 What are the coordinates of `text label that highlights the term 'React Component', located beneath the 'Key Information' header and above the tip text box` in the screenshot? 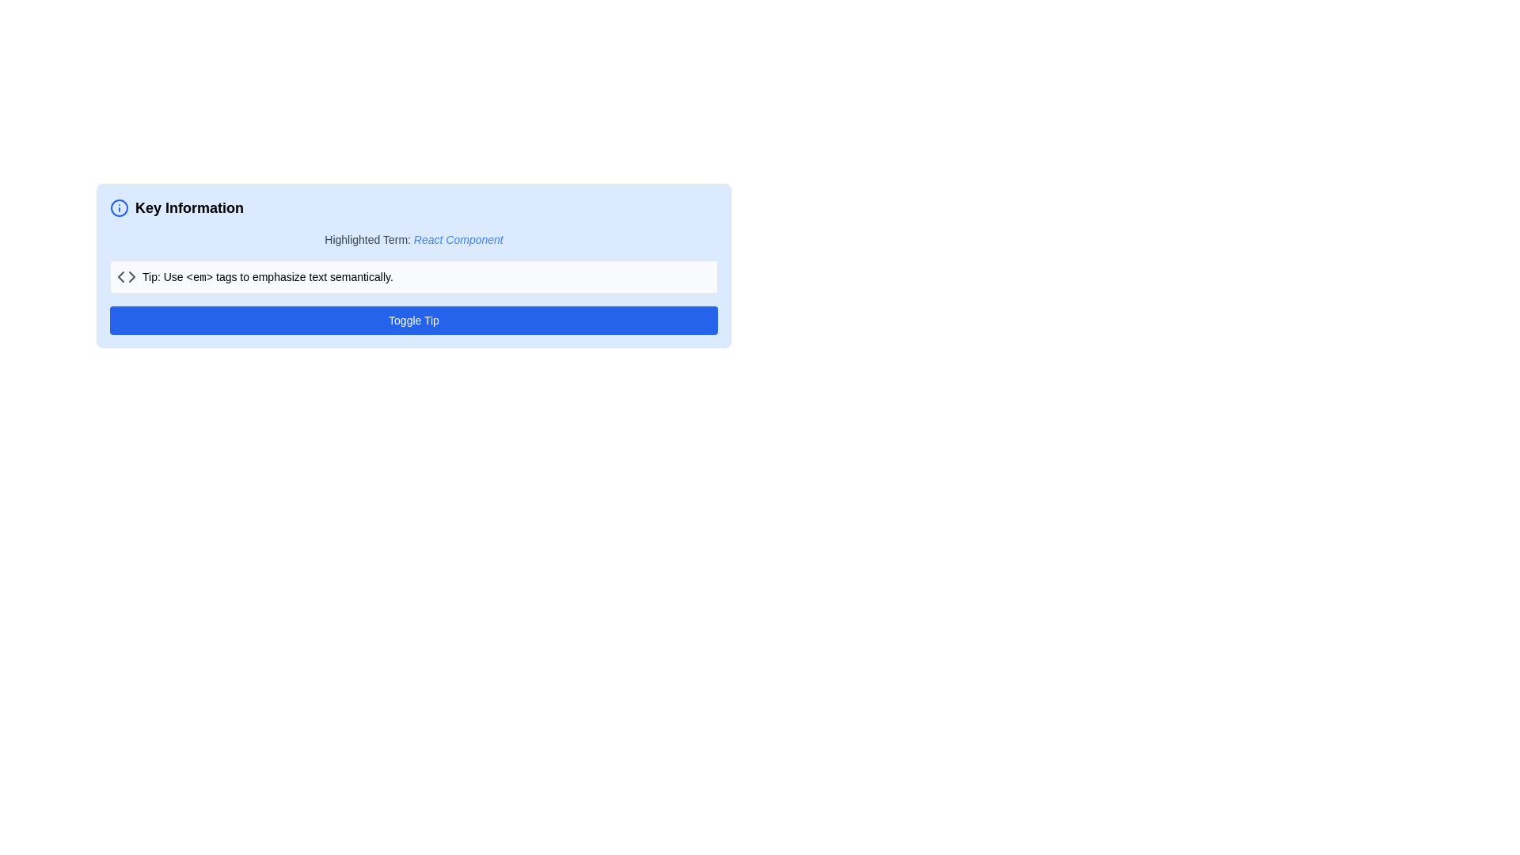 It's located at (414, 240).